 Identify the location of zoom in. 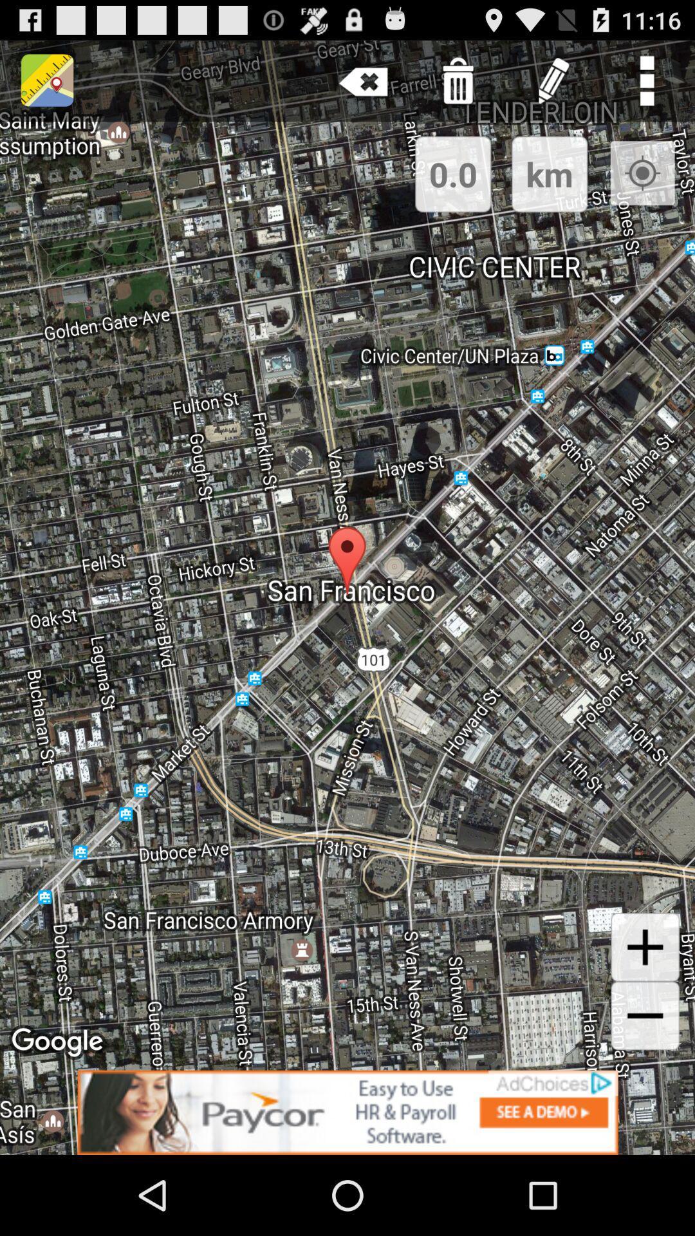
(645, 947).